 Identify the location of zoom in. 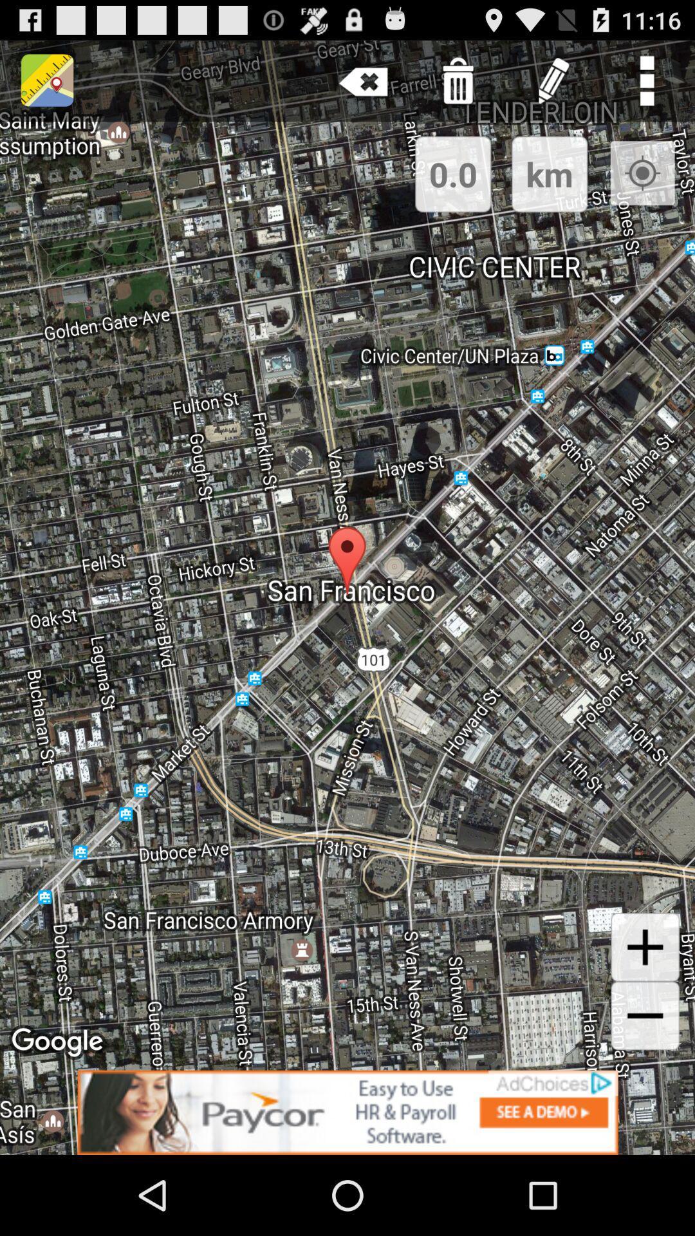
(645, 947).